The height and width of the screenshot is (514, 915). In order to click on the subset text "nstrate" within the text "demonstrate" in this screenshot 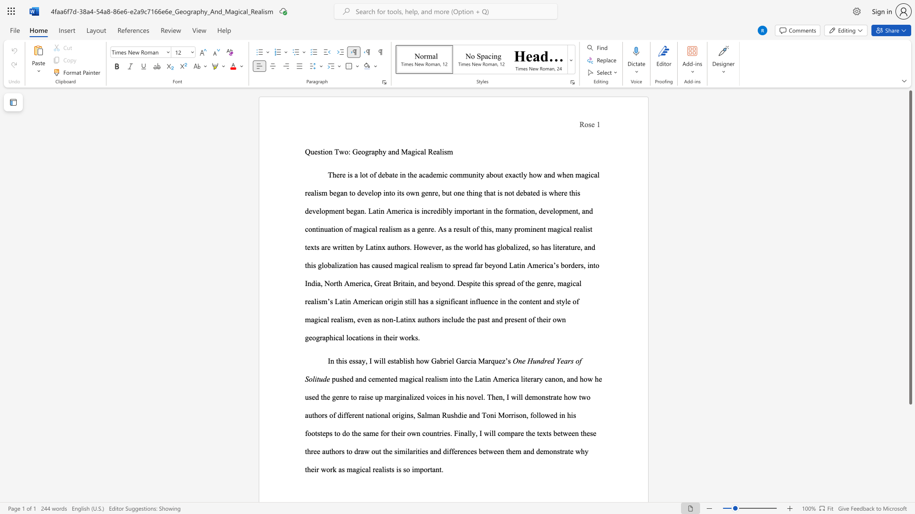, I will do `click(553, 451)`.